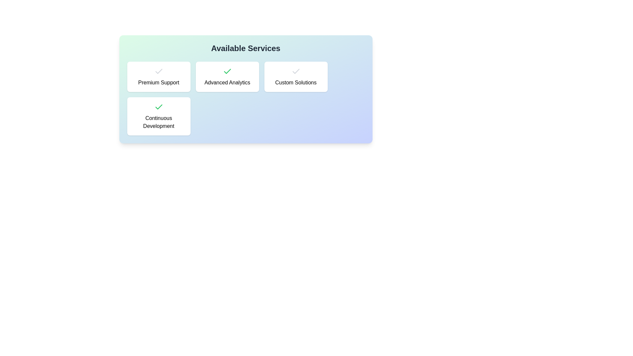  I want to click on the 'Advanced Analytics' selectable option card, which is the second option in a row of four, positioned between 'Premium Support' and 'Custom Solutions', so click(227, 76).